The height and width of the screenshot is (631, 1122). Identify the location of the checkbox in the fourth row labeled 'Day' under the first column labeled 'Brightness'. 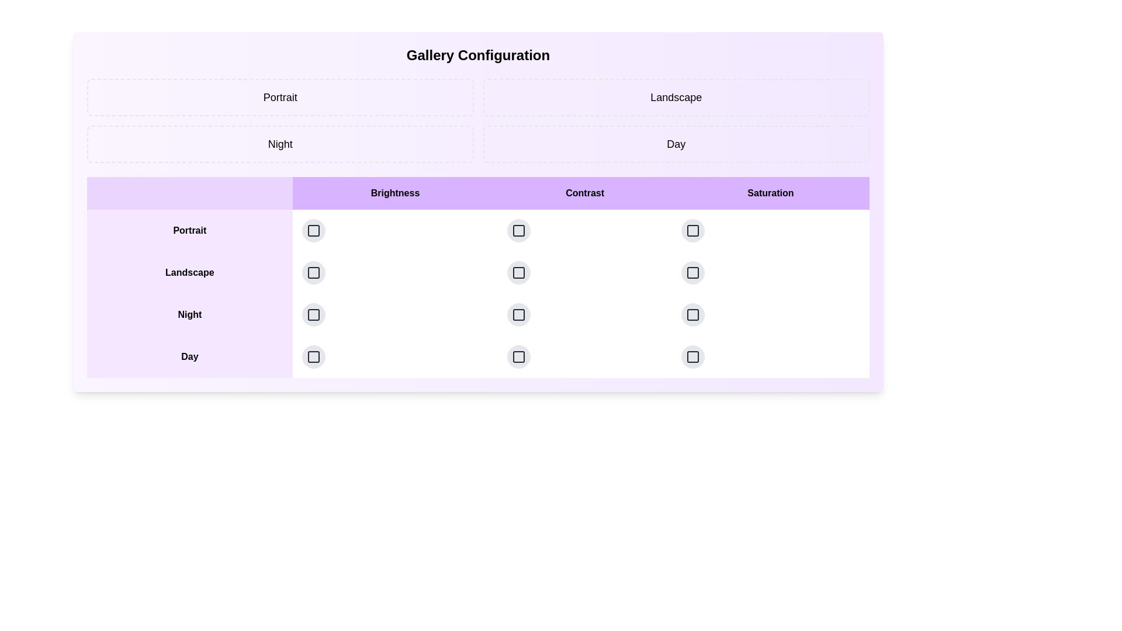
(313, 356).